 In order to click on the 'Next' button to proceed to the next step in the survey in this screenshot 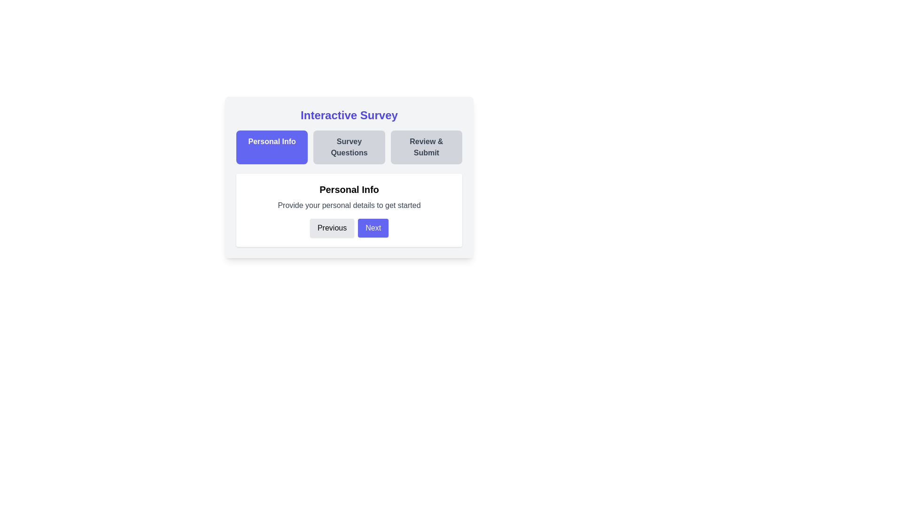, I will do `click(373, 228)`.